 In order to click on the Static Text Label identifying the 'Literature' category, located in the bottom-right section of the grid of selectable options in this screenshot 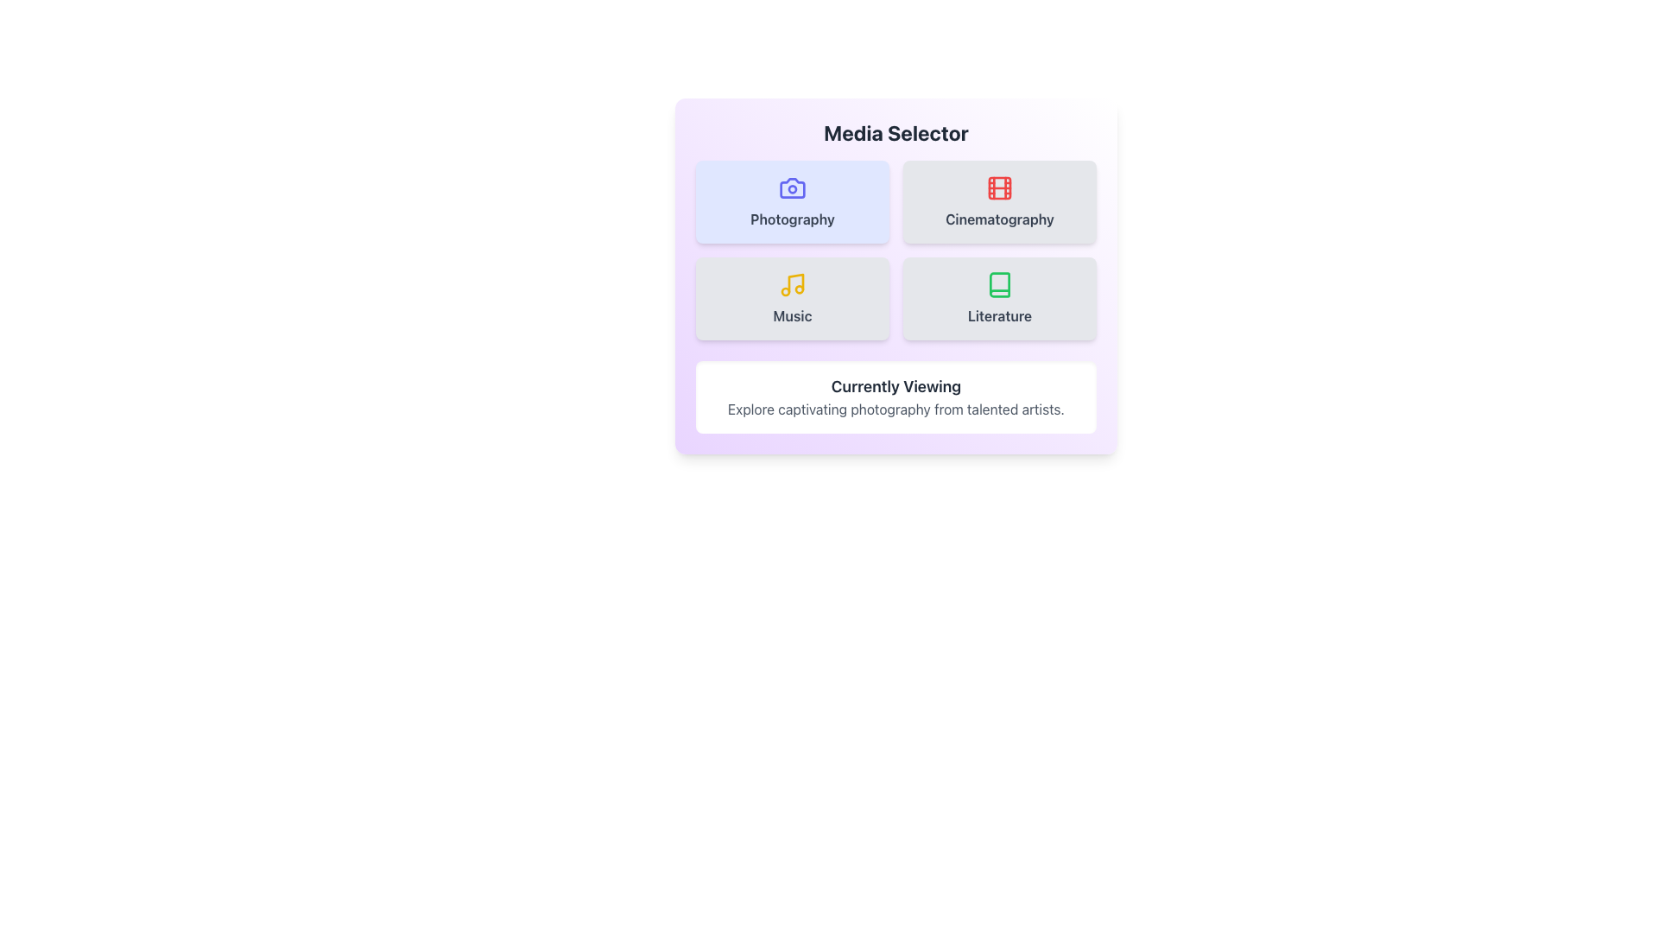, I will do `click(999, 316)`.